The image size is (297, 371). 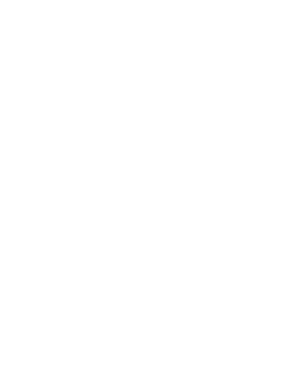 What do you see at coordinates (129, 164) in the screenshot?
I see `'Neutrik has announced several new REAN airtight connectors designed for connectivity when used outdoors and in other potentially harsh environments.'` at bounding box center [129, 164].